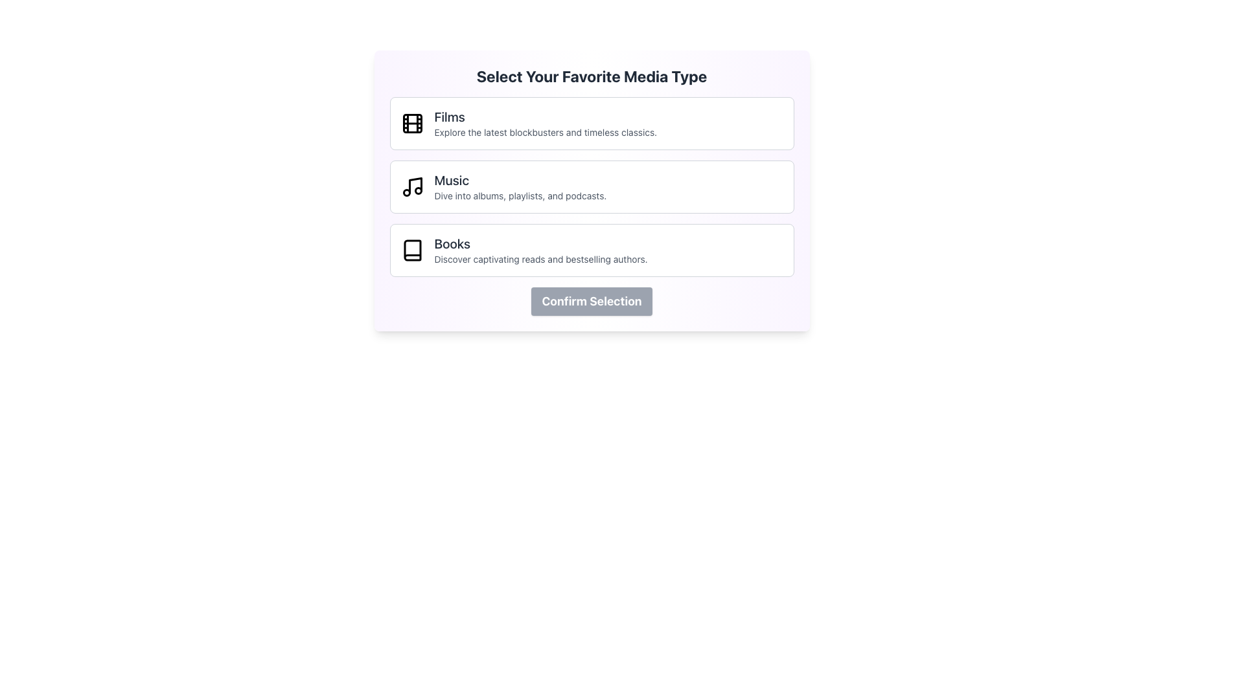 Image resolution: width=1244 pixels, height=699 pixels. Describe the element at coordinates (411, 250) in the screenshot. I see `the outlined book icon located to the left of the 'Books' text in the selection panel` at that location.